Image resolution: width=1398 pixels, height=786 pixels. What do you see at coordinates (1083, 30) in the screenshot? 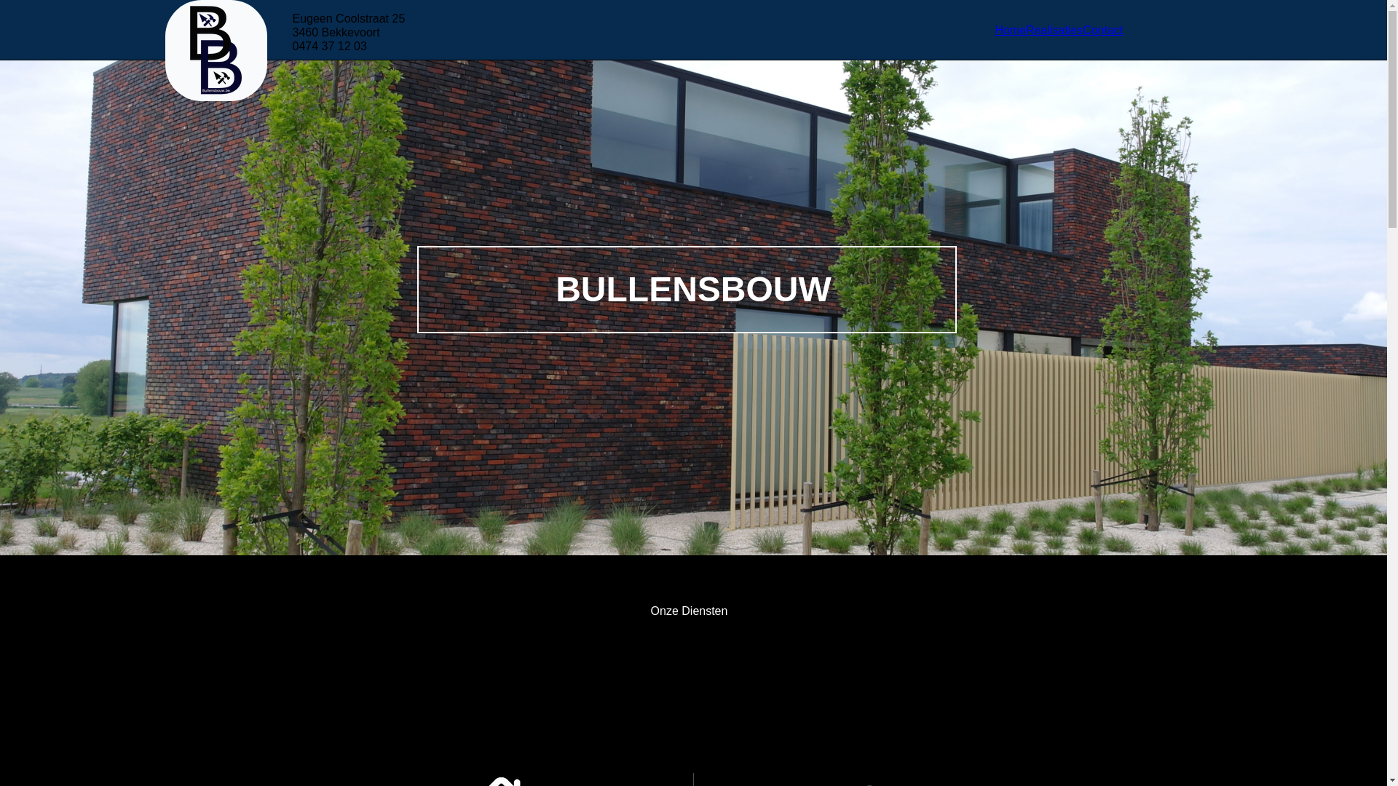
I see `'Contact'` at bounding box center [1083, 30].